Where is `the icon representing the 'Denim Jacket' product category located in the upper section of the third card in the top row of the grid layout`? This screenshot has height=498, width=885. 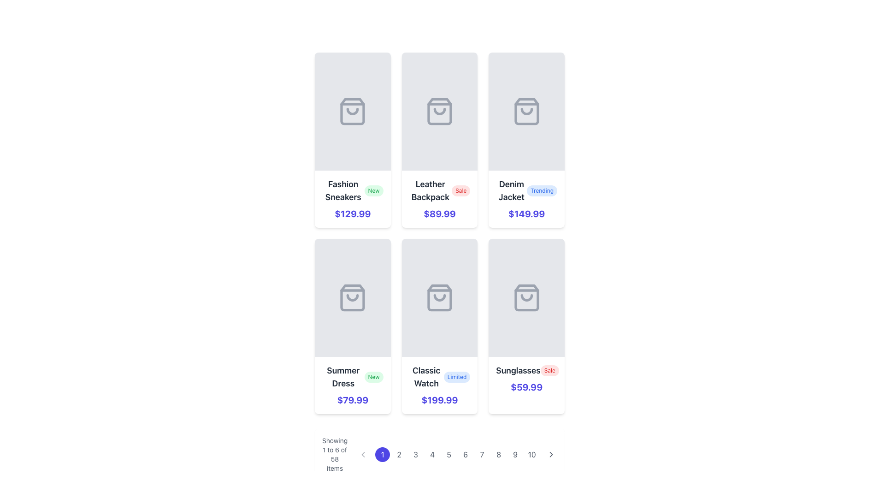 the icon representing the 'Denim Jacket' product category located in the upper section of the third card in the top row of the grid layout is located at coordinates (526, 111).